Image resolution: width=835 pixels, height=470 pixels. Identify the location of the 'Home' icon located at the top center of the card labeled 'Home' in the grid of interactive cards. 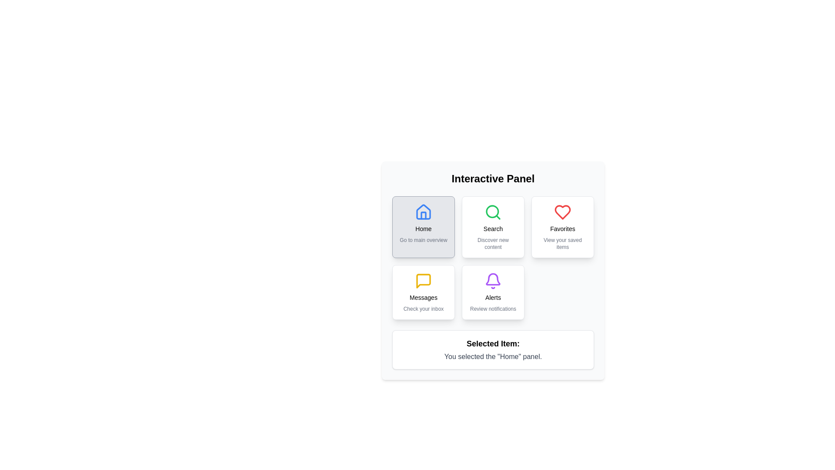
(424, 212).